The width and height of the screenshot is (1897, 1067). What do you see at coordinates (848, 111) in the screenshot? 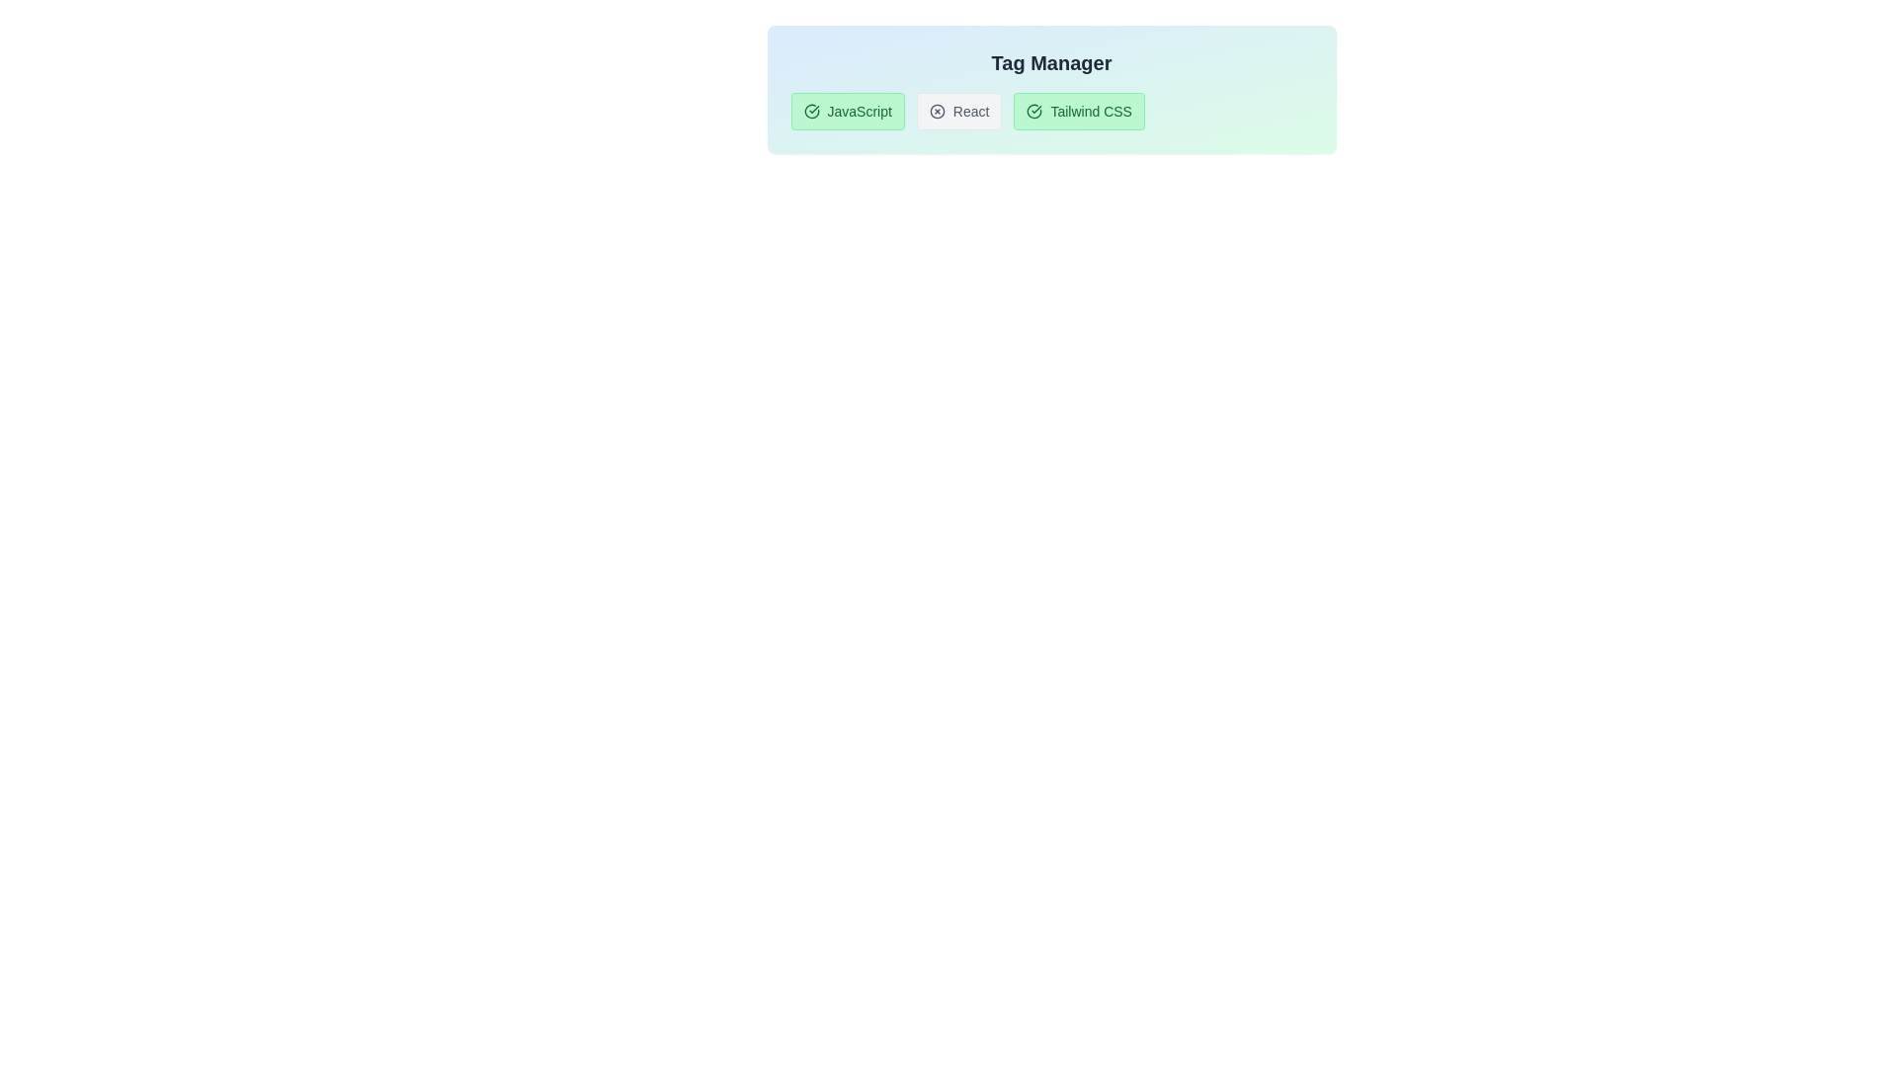
I see `the tag JavaScript to view its hover effect` at bounding box center [848, 111].